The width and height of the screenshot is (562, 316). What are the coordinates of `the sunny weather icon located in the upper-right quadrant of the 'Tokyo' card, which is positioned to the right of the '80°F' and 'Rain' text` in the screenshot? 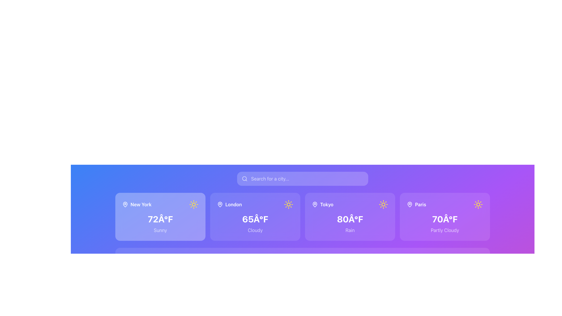 It's located at (383, 204).